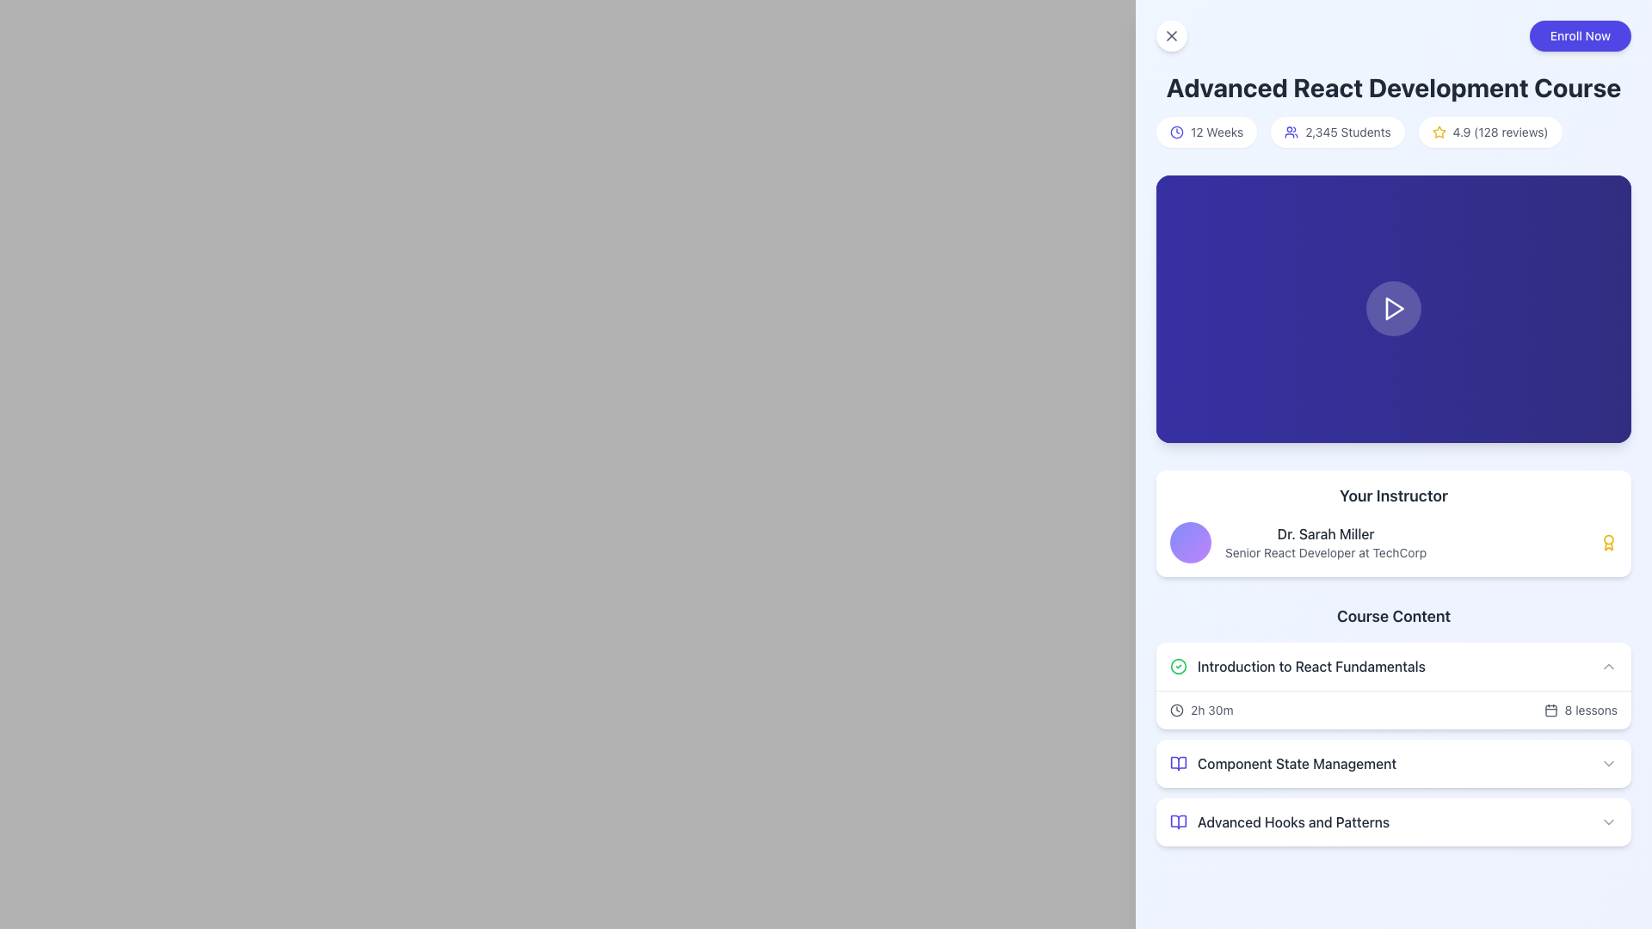  What do you see at coordinates (1298, 665) in the screenshot?
I see `text label 'Introduction to React Fundamentals' styled with medium font weight and dark gray color, located in the 'Course Content' section beside a circular green checkmark icon` at bounding box center [1298, 665].